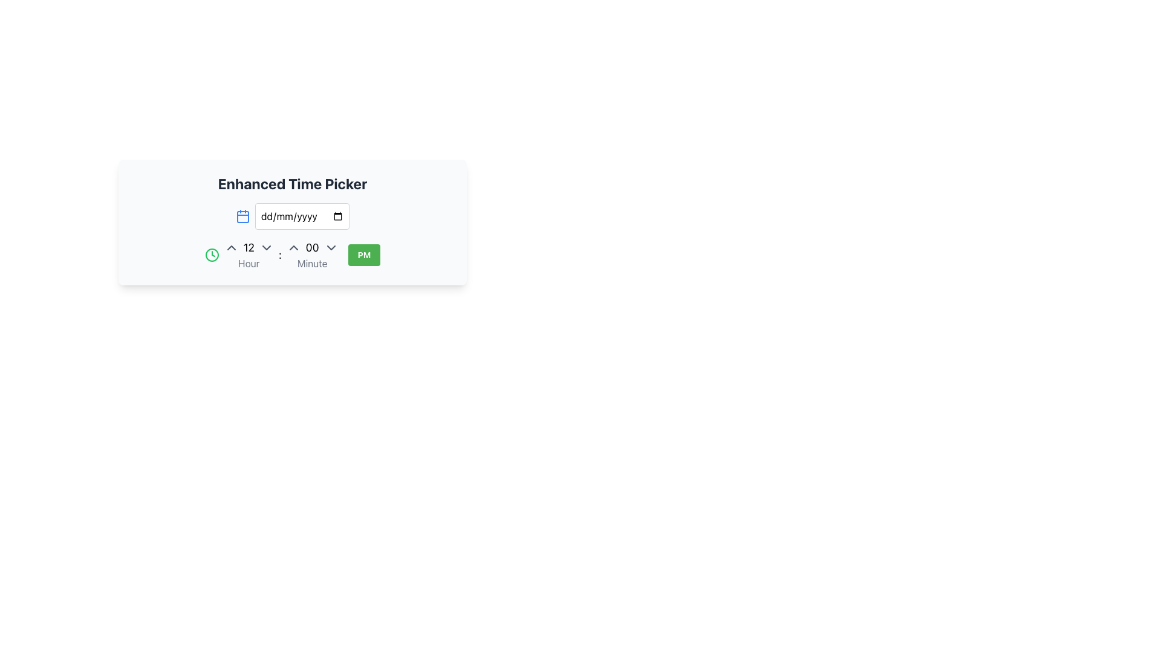 The height and width of the screenshot is (653, 1161). What do you see at coordinates (248, 247) in the screenshot?
I see `the numeric display element showing '12' in the time picker component, located between the up and down arrows and above the label 'Hour'` at bounding box center [248, 247].